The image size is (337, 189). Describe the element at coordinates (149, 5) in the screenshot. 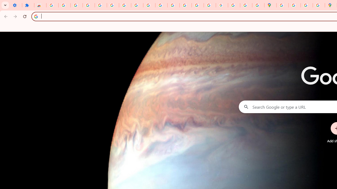

I see `'YouTube'` at that location.